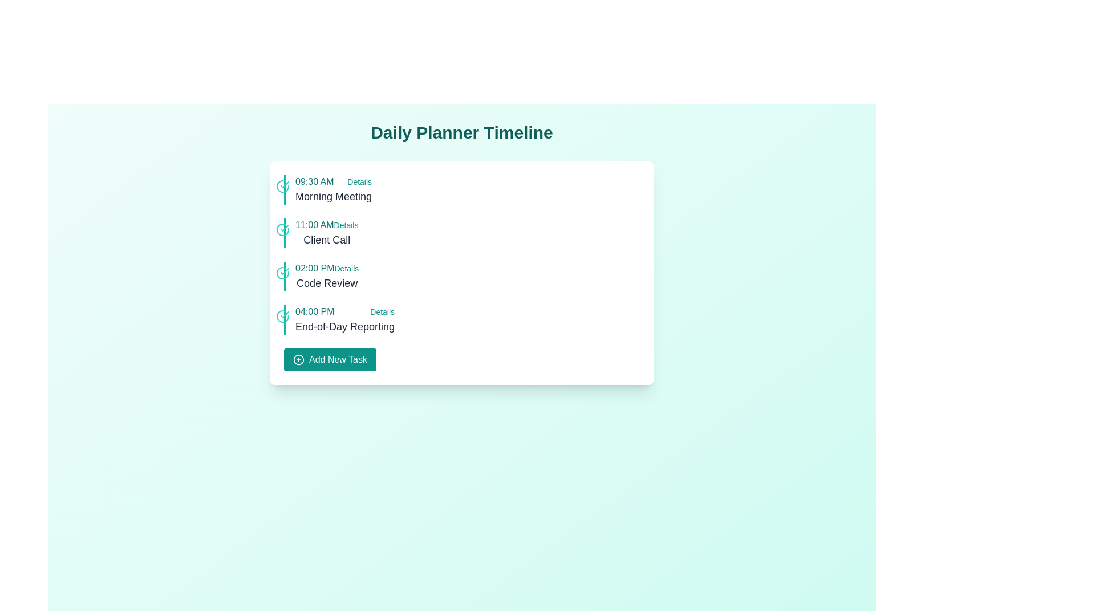  I want to click on the hyperlink in the fourth row of the 'Daily Planner Timeline' section, so click(382, 312).